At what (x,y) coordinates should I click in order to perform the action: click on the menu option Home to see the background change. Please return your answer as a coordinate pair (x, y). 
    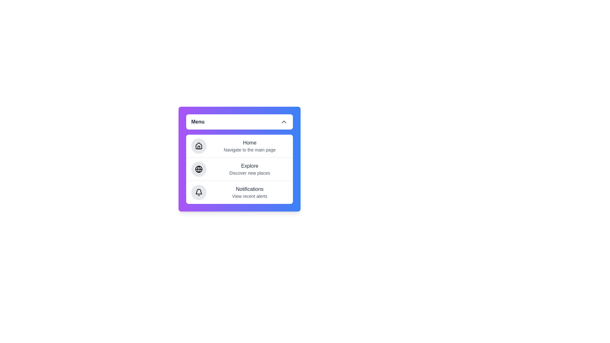
    Looking at the image, I should click on (239, 146).